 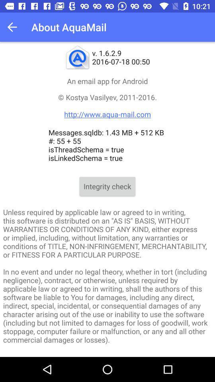 I want to click on icon above the an email app item, so click(x=14, y=27).